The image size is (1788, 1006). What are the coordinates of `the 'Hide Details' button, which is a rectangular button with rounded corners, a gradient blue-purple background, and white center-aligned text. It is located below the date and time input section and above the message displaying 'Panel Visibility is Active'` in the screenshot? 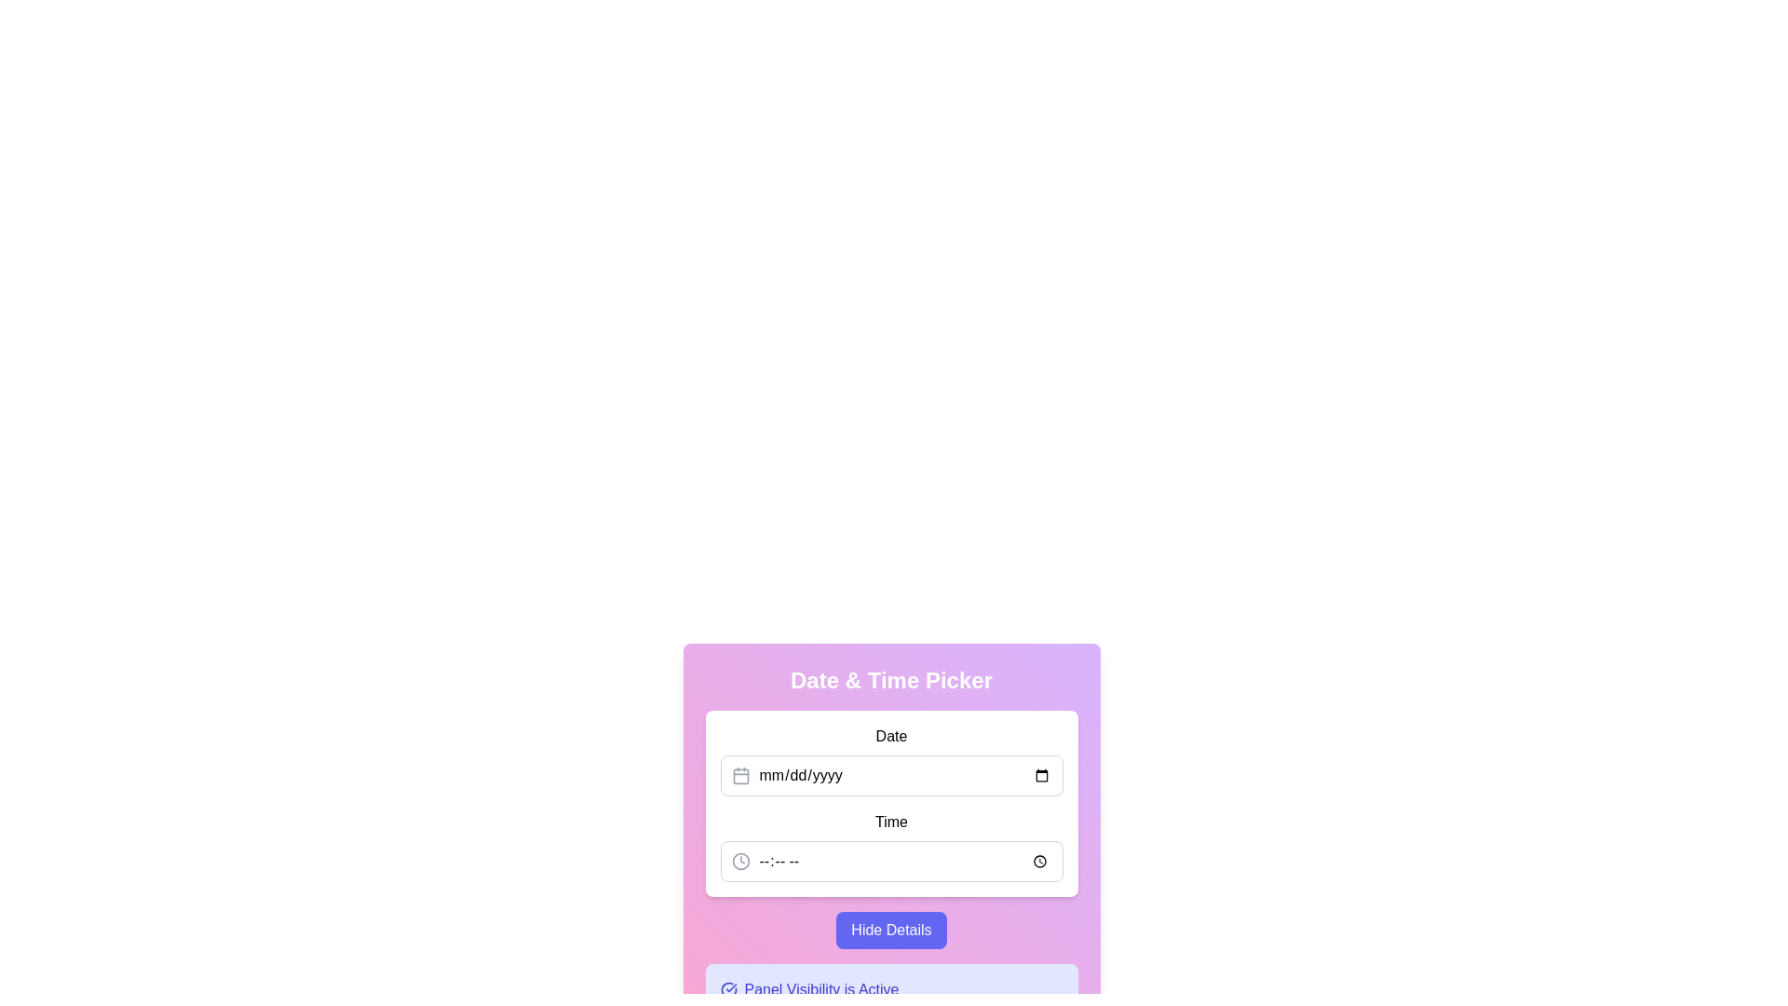 It's located at (890, 931).